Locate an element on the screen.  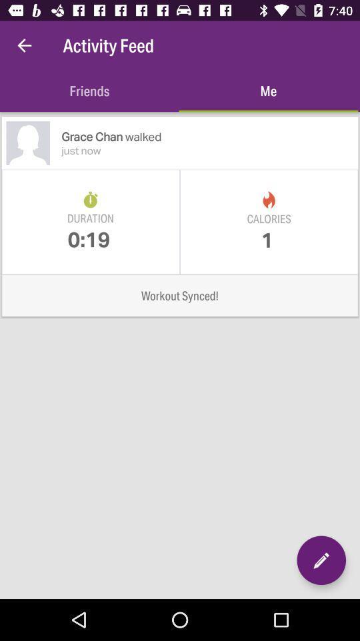
grace chan walked is located at coordinates (209, 136).